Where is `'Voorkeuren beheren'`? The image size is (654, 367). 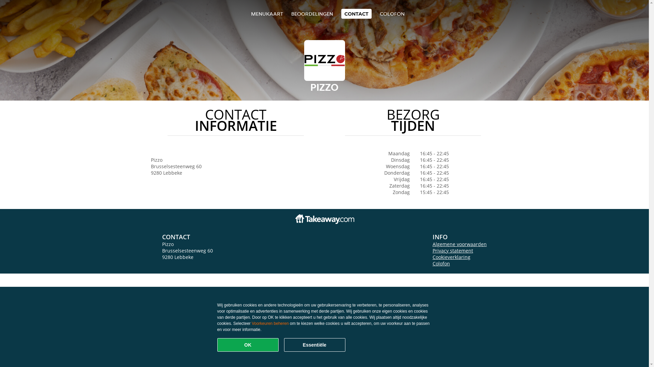
'Voorkeuren beheren' is located at coordinates (270, 323).